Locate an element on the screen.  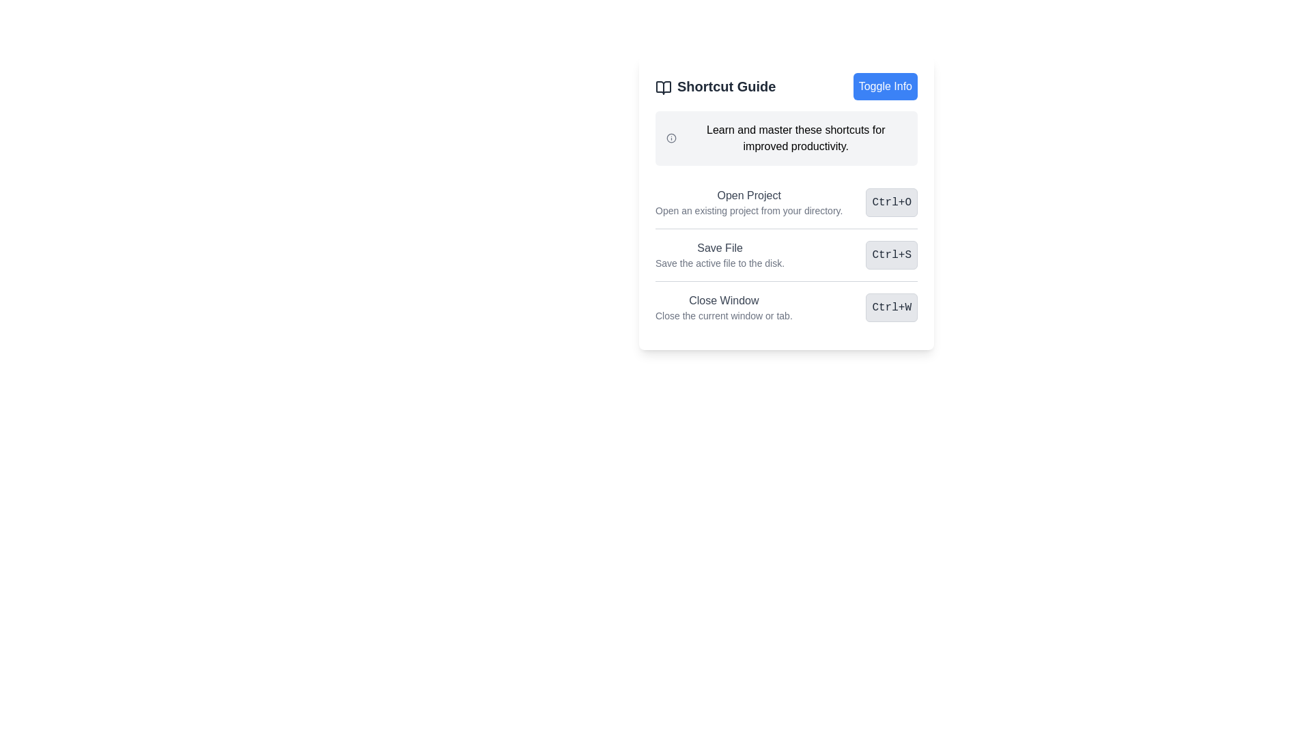
the descriptive text element that provides additional information about the 'Close Window' action, positioned below the 'Close Window' title is located at coordinates (723, 315).